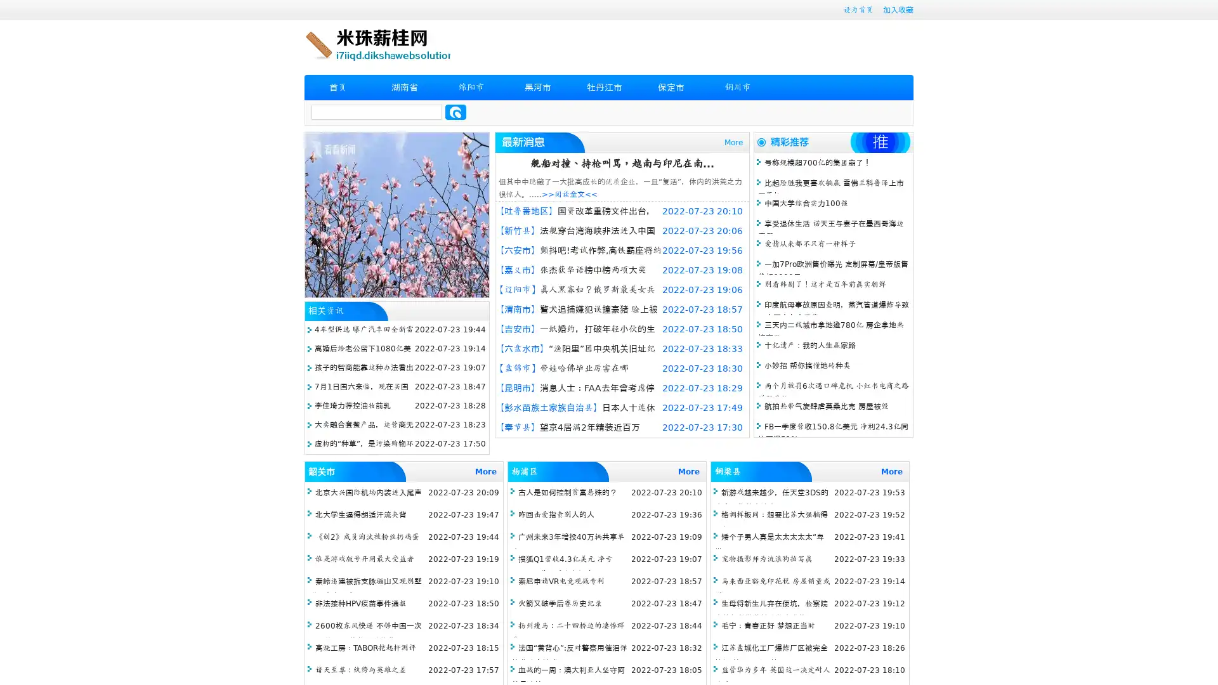 The height and width of the screenshot is (685, 1218). What do you see at coordinates (455, 112) in the screenshot?
I see `Search` at bounding box center [455, 112].